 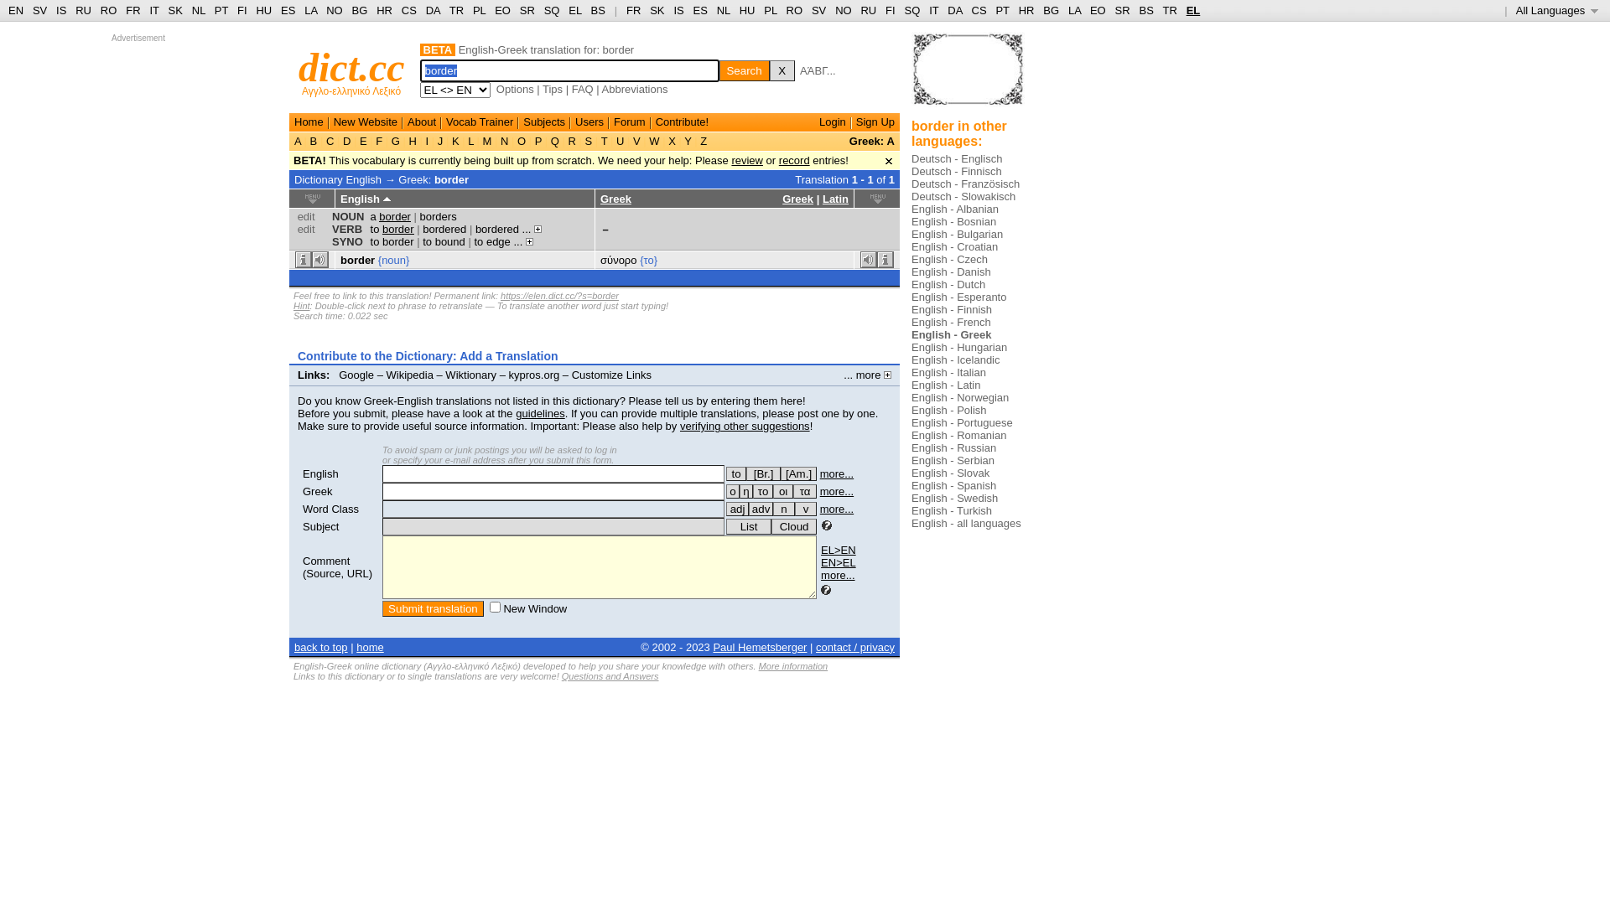 I want to click on 'English - Swedish', so click(x=954, y=497).